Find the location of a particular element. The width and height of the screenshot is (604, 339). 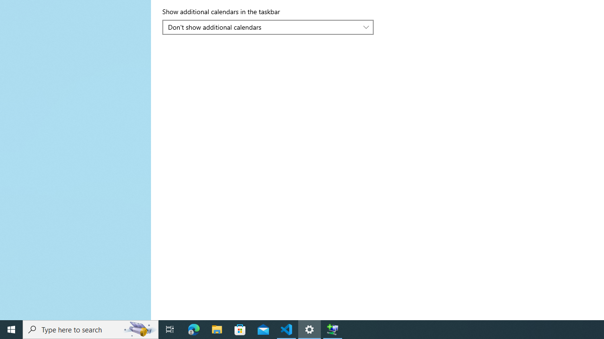

'Don' is located at coordinates (263, 26).